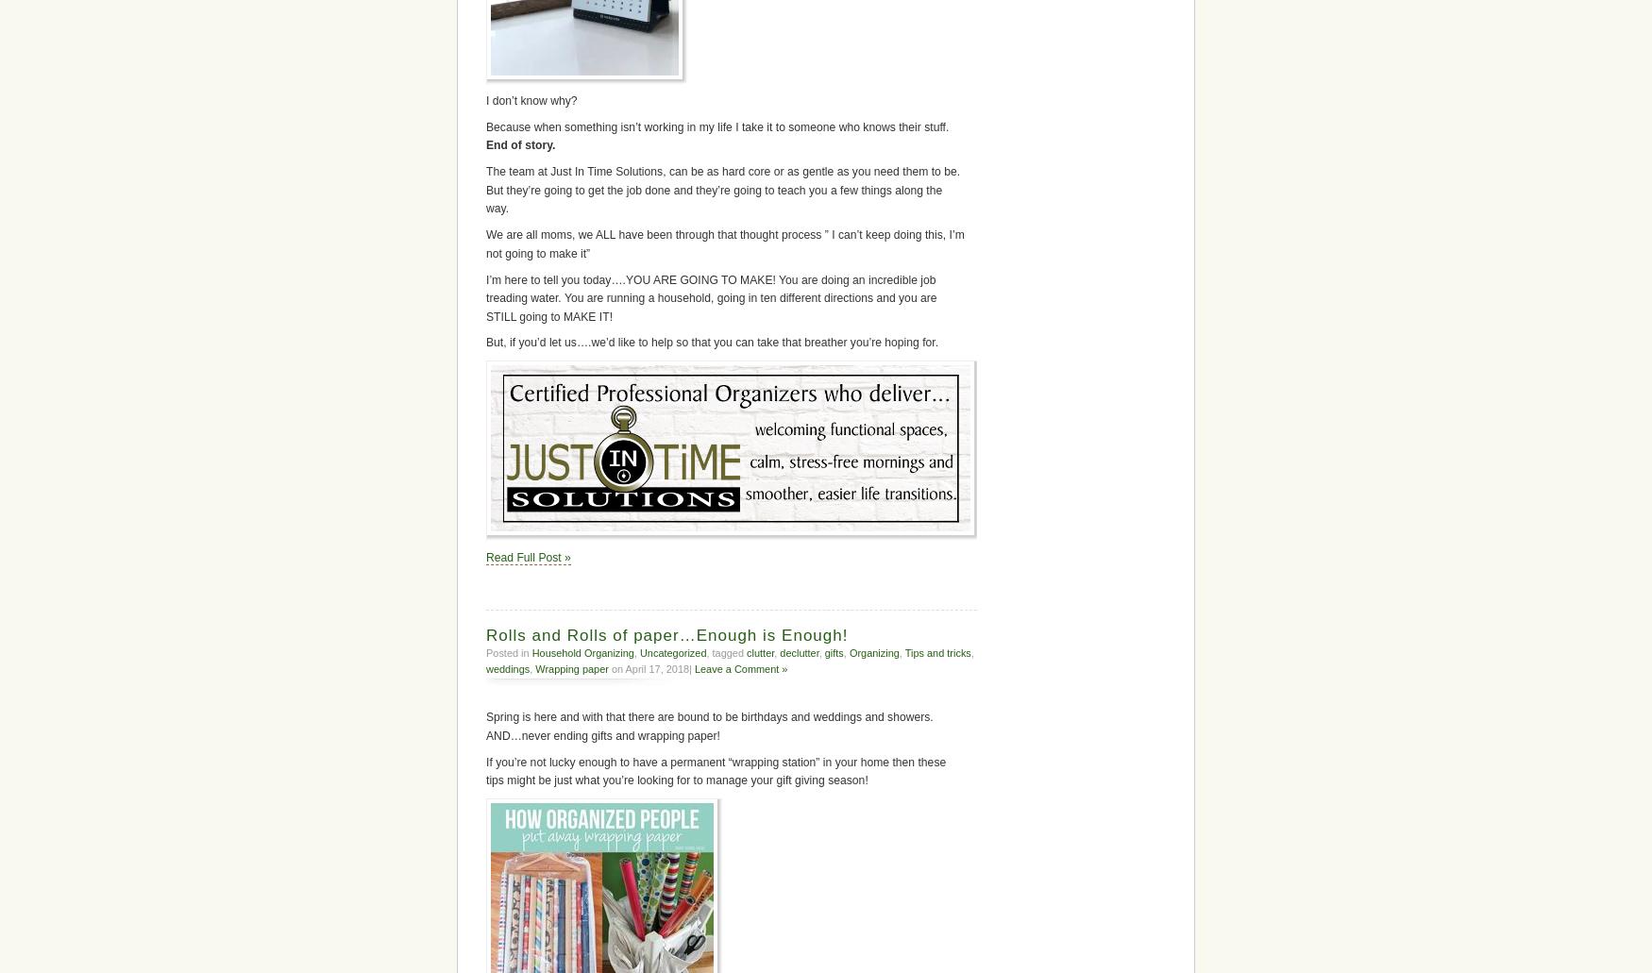 Image resolution: width=1652 pixels, height=973 pixels. I want to click on 'But, if you’d let us….we’d like to help so that you can take that breather you’re hoping for.', so click(711, 342).